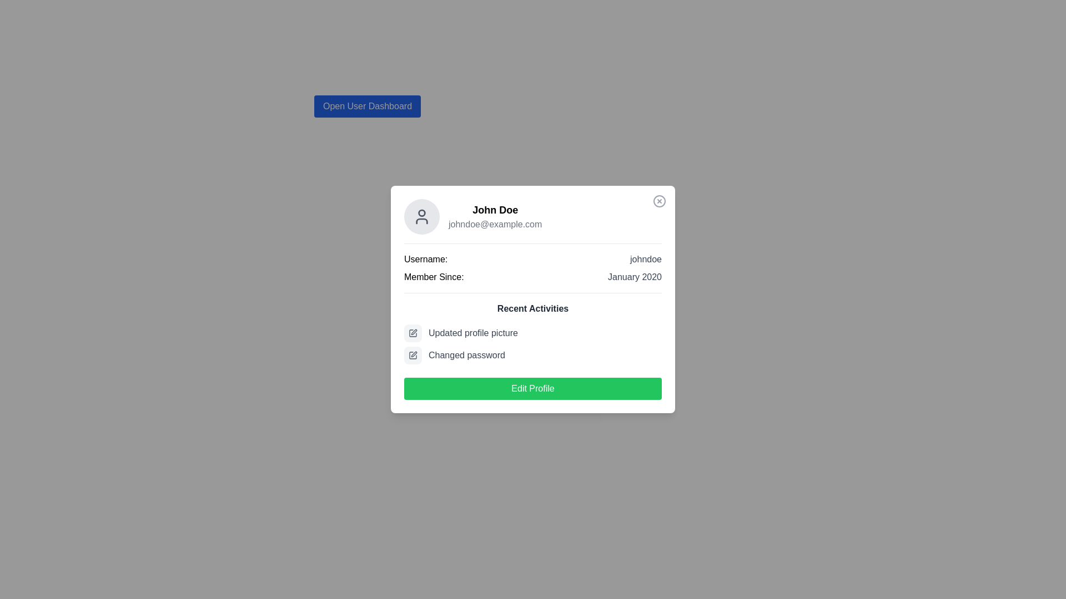  I want to click on the text element displaying 'January 2020' which is styled in gray and positioned to the right of 'Member Since:' within the profile card, so click(635, 277).